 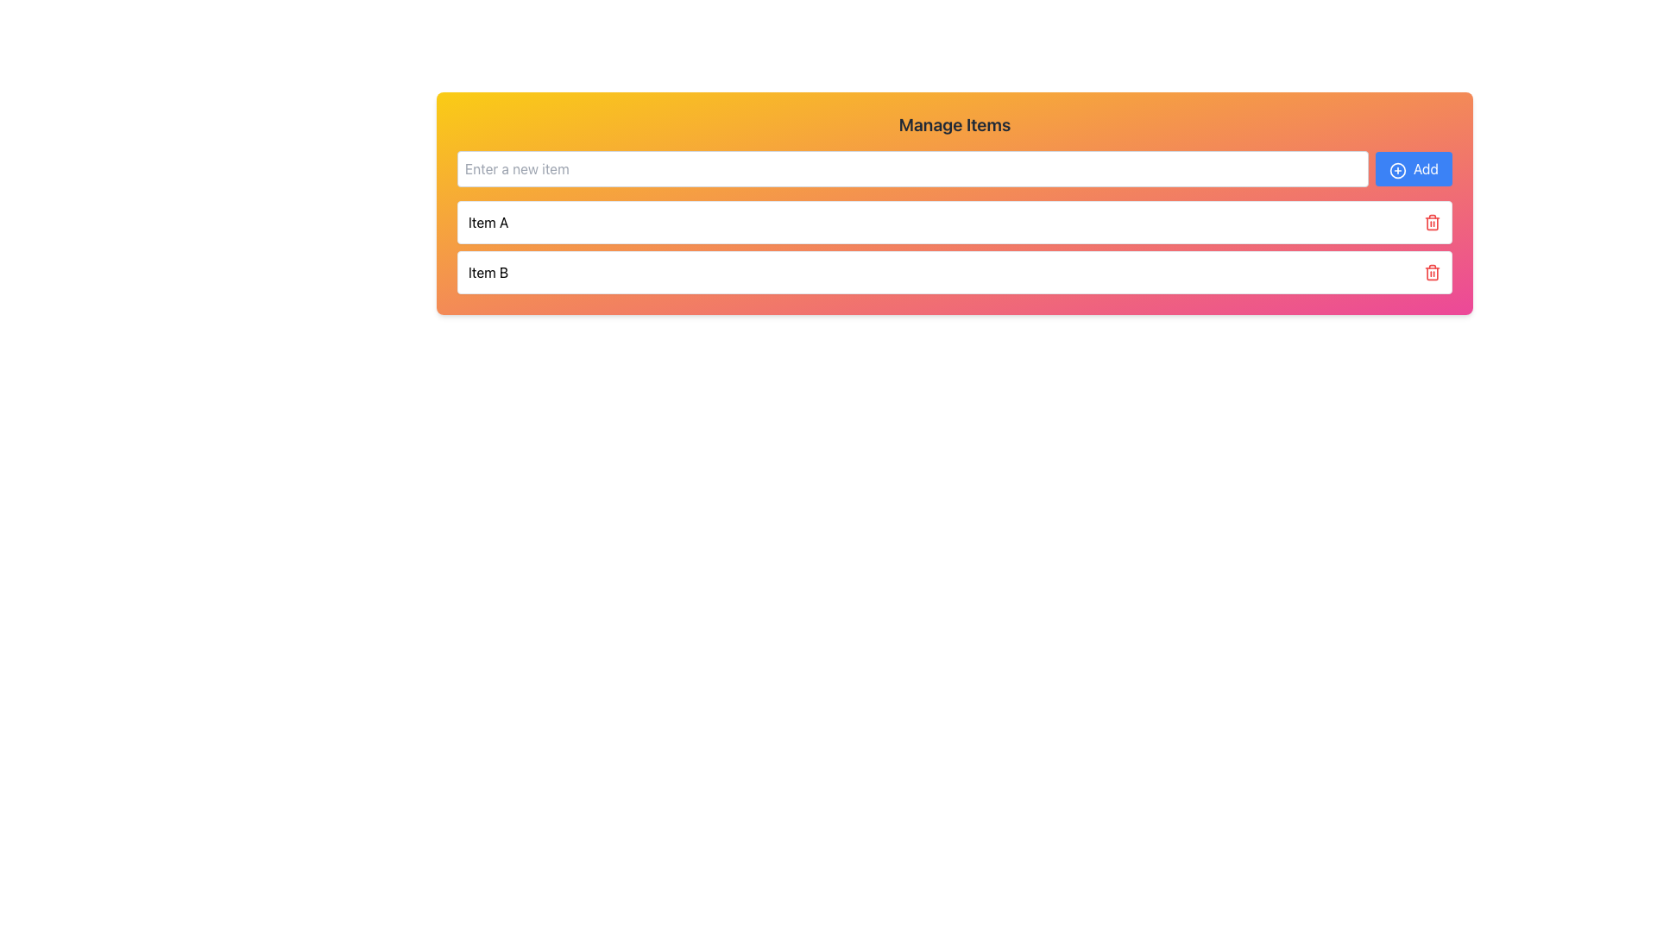 I want to click on the circular SVG icon with a '+' symbol at its center, which is located inside the button labeled 'Add', so click(x=1397, y=170).